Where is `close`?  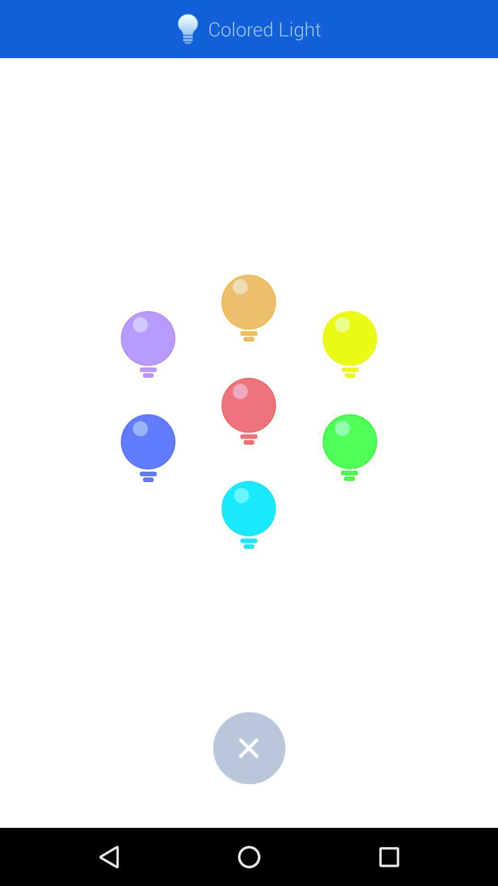 close is located at coordinates (249, 748).